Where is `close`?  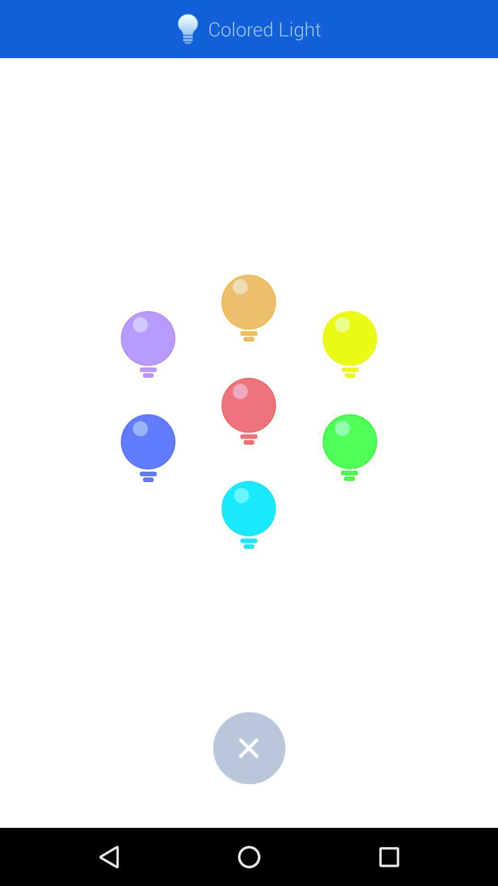 close is located at coordinates (249, 748).